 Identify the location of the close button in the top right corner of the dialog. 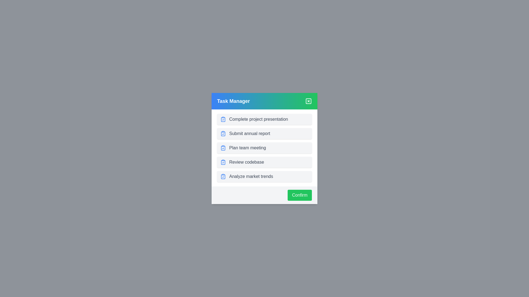
(308, 101).